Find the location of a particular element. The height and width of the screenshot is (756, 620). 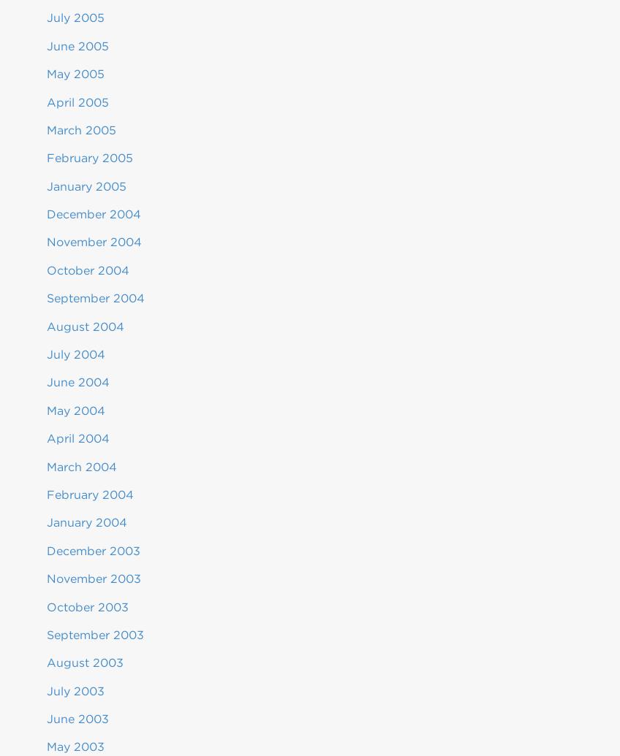

'July 2004' is located at coordinates (75, 354).